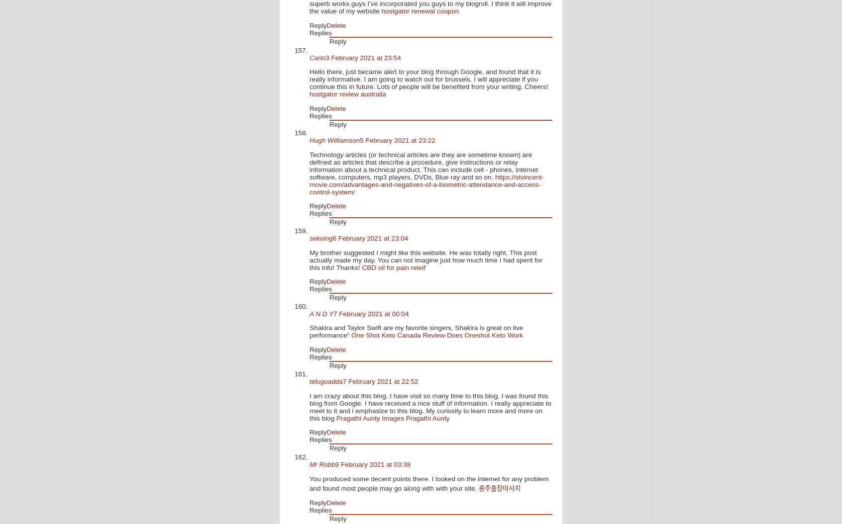 This screenshot has height=524, width=842. Describe the element at coordinates (379, 381) in the screenshot. I see `'7 February 2021 at 22:52'` at that location.